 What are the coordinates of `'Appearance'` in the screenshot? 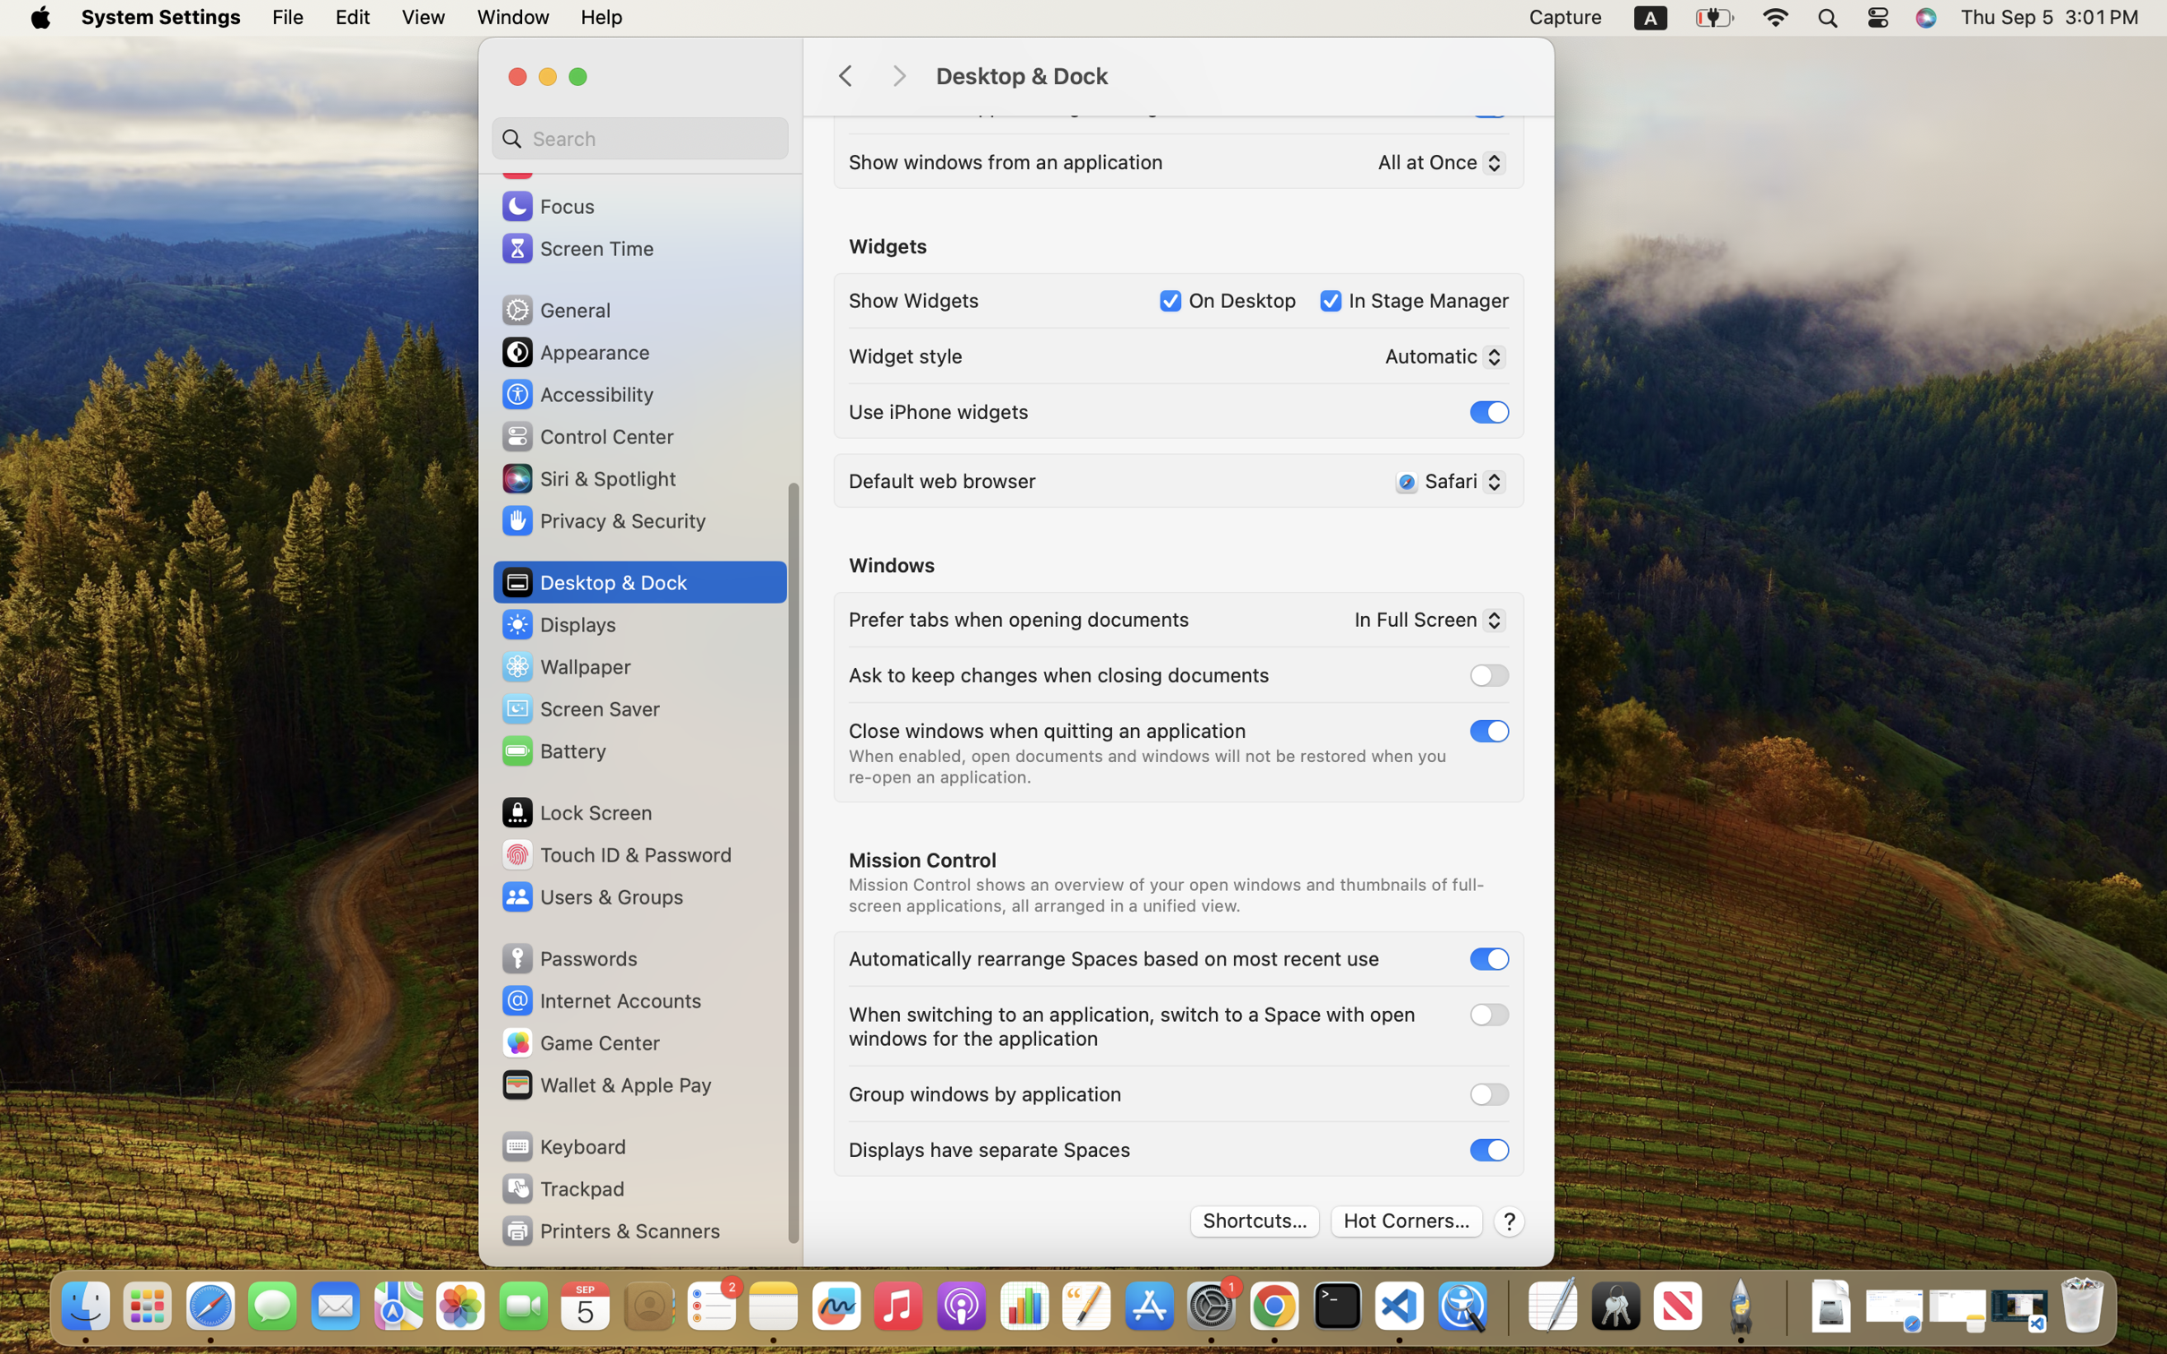 It's located at (574, 351).